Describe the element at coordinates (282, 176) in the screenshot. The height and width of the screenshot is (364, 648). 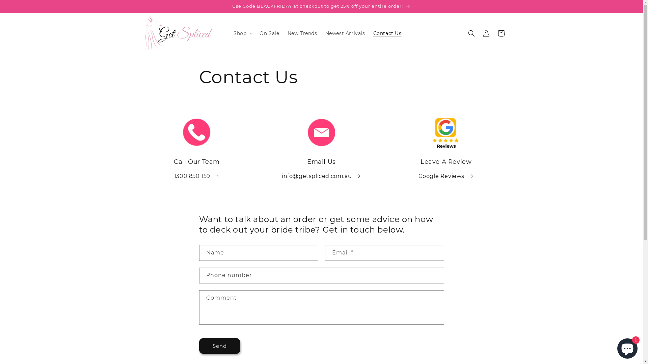
I see `'info@getspliced.com.au '` at that location.